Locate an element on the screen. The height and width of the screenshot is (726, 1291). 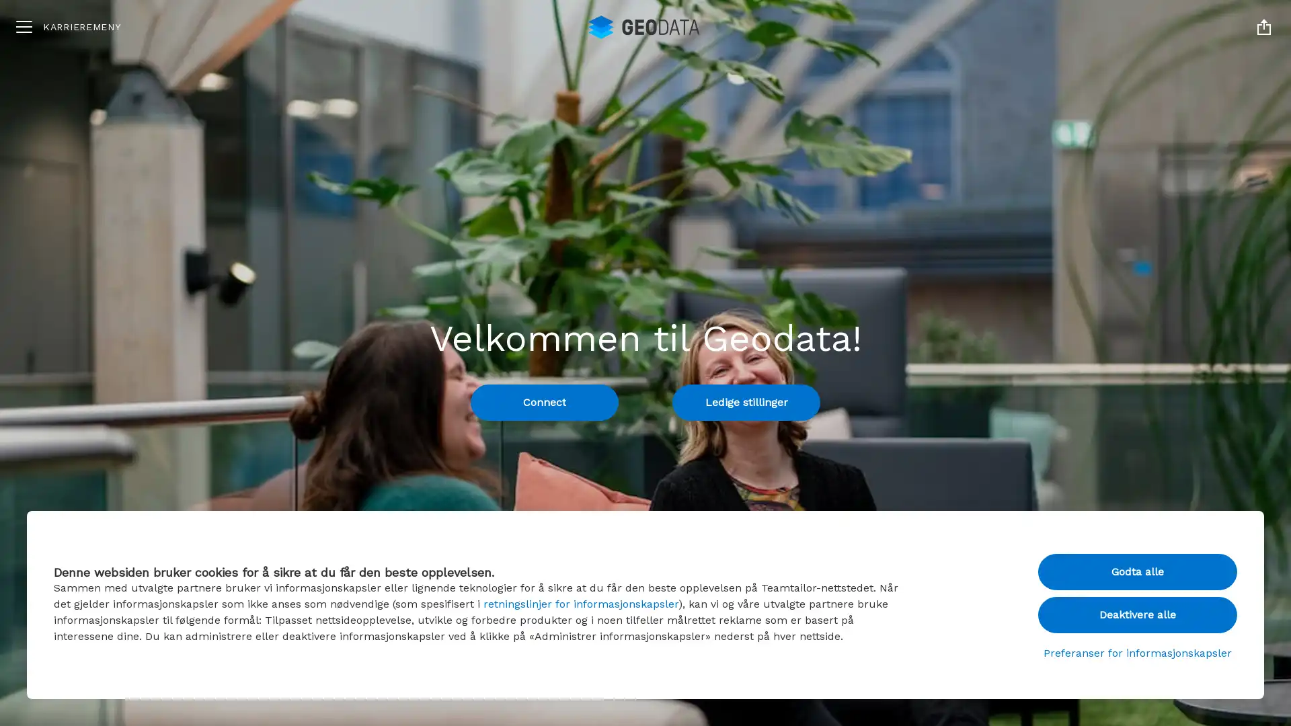
Del side is located at coordinates (1263, 26).